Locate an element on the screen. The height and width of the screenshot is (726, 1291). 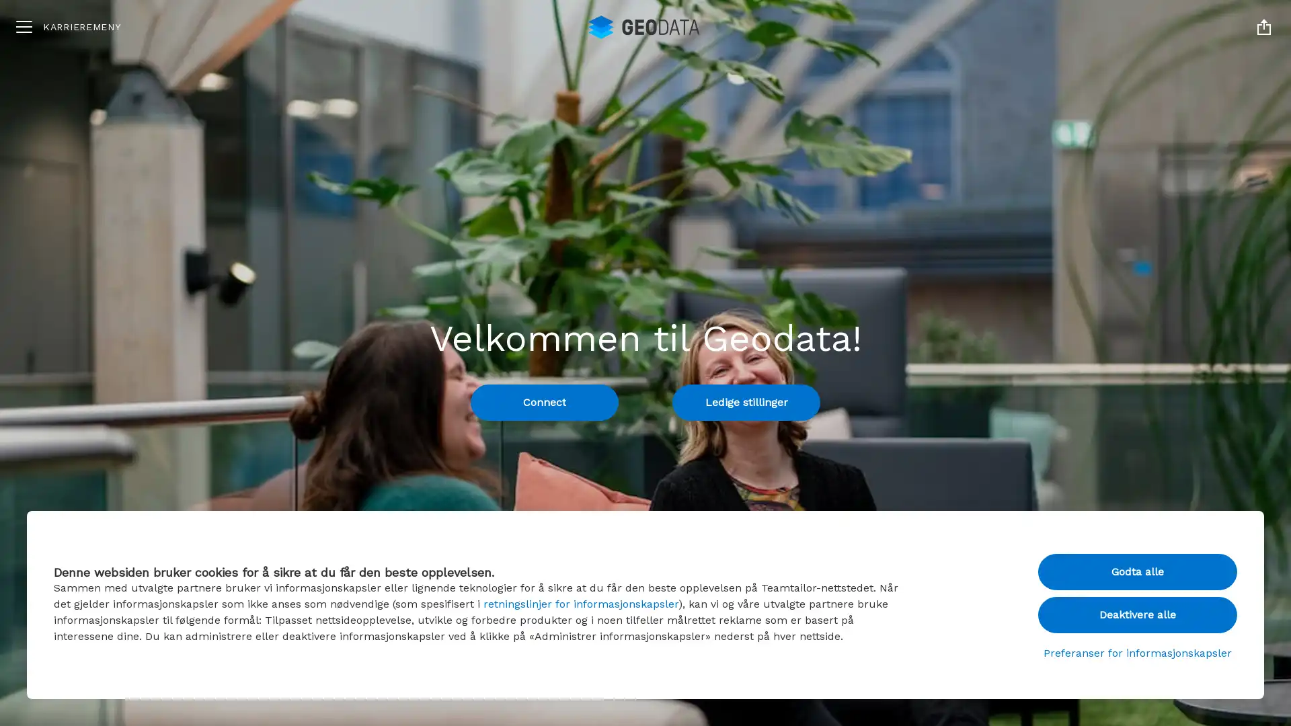
Del side is located at coordinates (1263, 26).